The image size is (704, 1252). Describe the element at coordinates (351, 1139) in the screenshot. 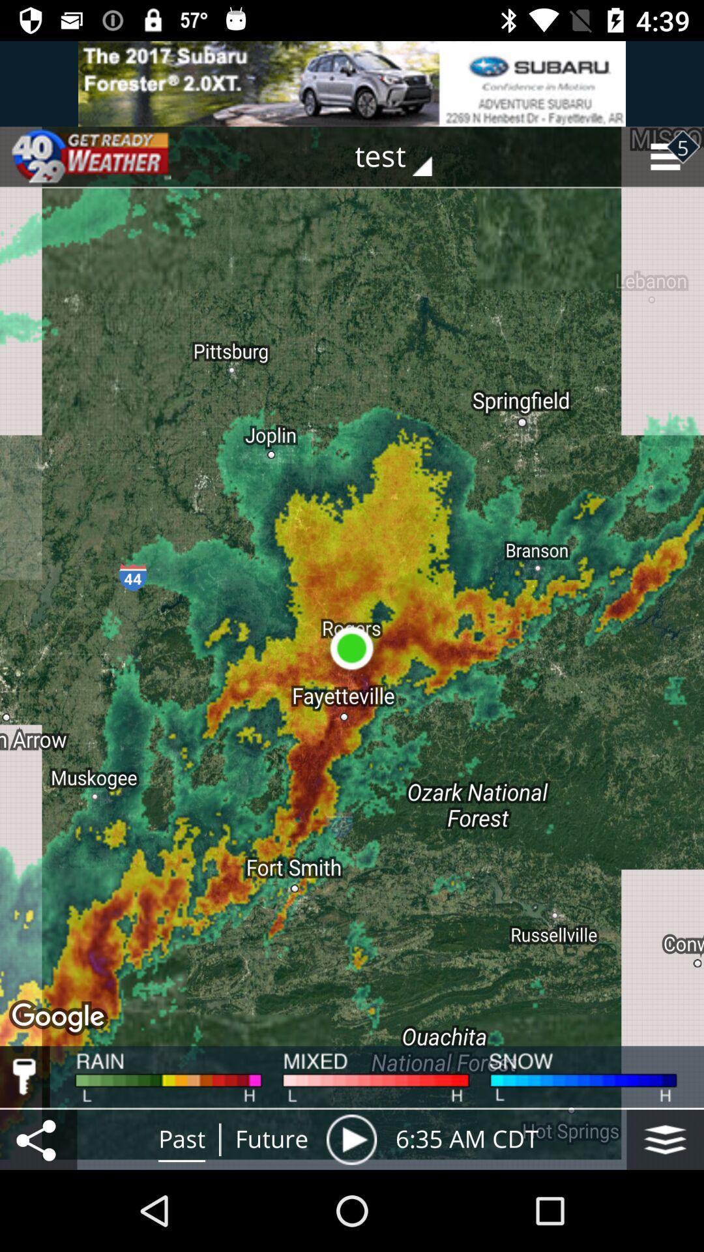

I see `video` at that location.